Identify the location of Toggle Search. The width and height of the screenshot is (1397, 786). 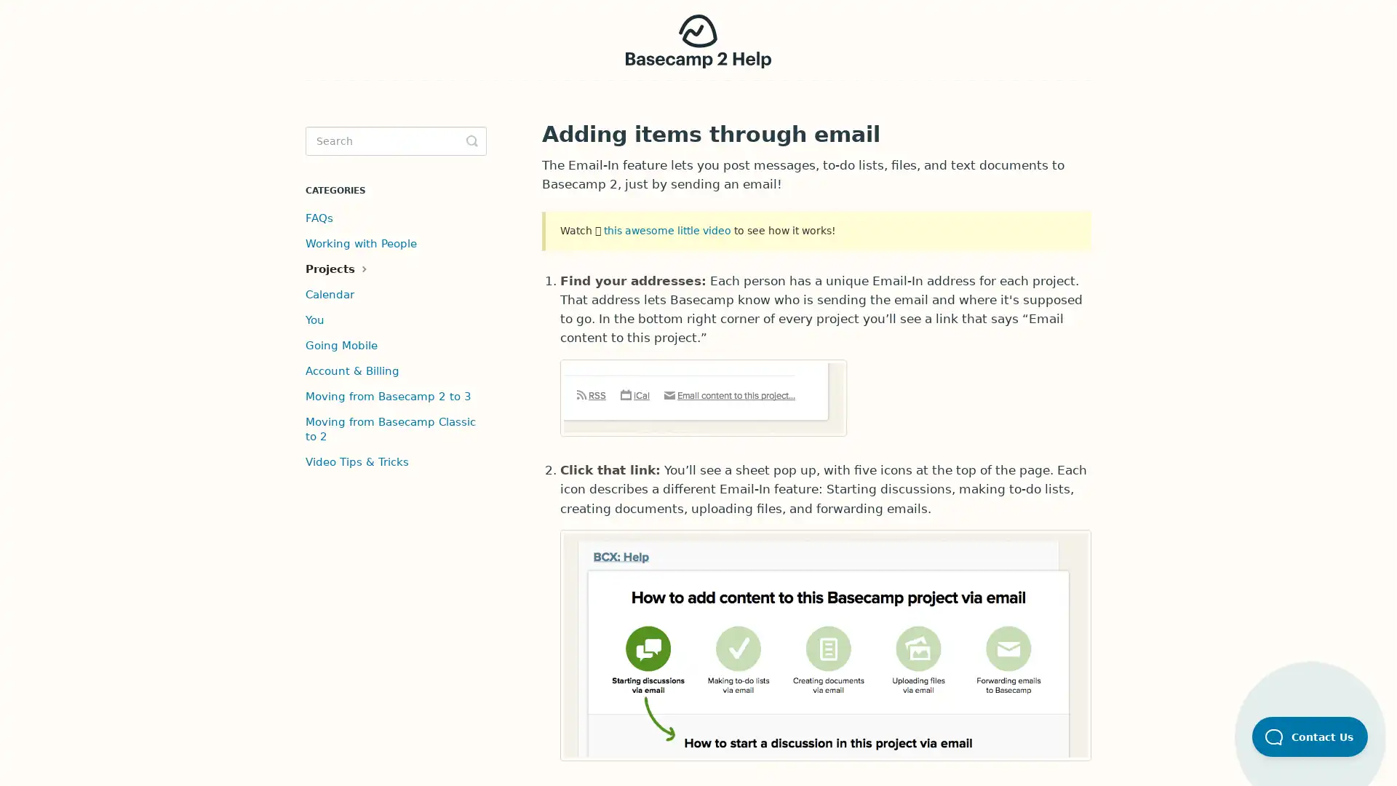
(471, 140).